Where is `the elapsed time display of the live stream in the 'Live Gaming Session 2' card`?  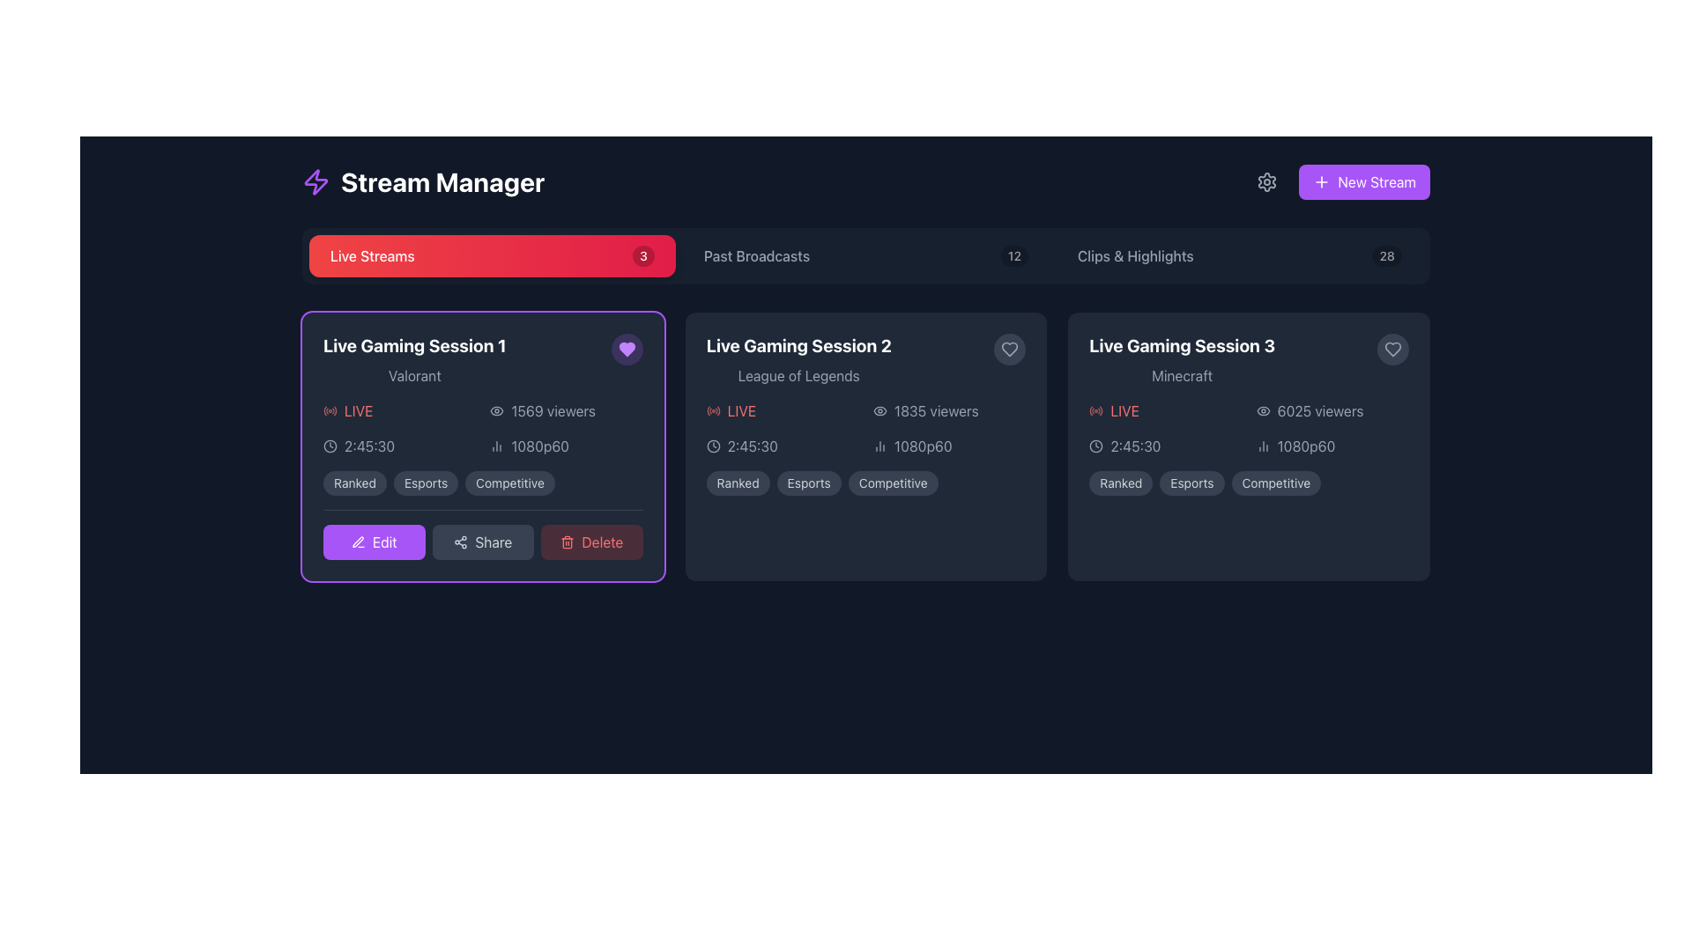 the elapsed time display of the live stream in the 'Live Gaming Session 2' card is located at coordinates (782, 445).